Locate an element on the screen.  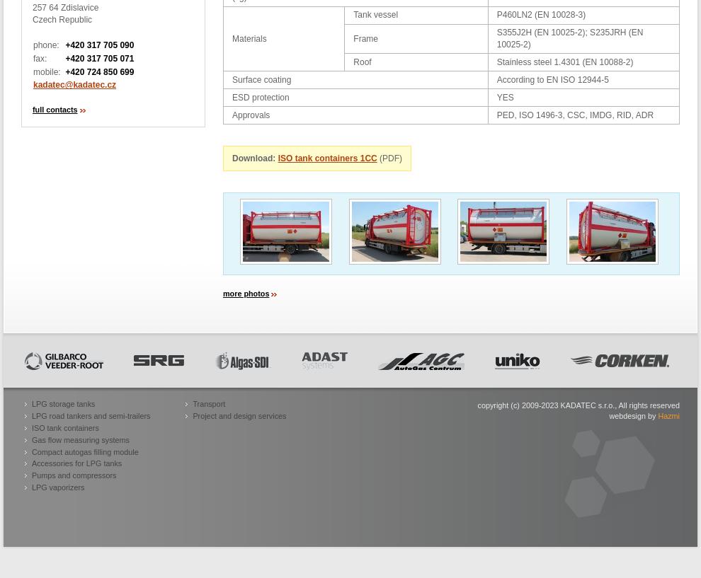
'S355J2H  (EN 10025-2); S235JRH (EN 10025-2)' is located at coordinates (496, 37).